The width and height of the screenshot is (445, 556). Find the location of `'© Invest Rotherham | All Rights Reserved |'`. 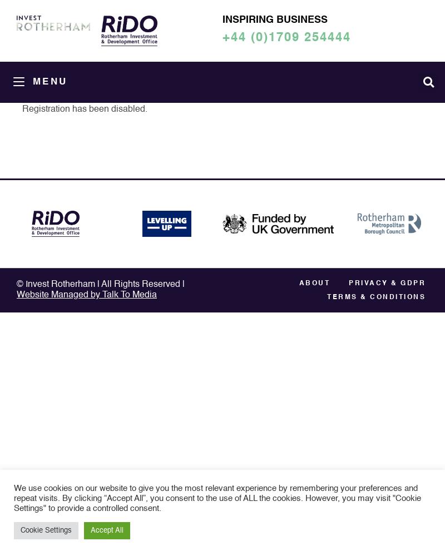

'© Invest Rotherham | All Rights Reserved |' is located at coordinates (100, 284).